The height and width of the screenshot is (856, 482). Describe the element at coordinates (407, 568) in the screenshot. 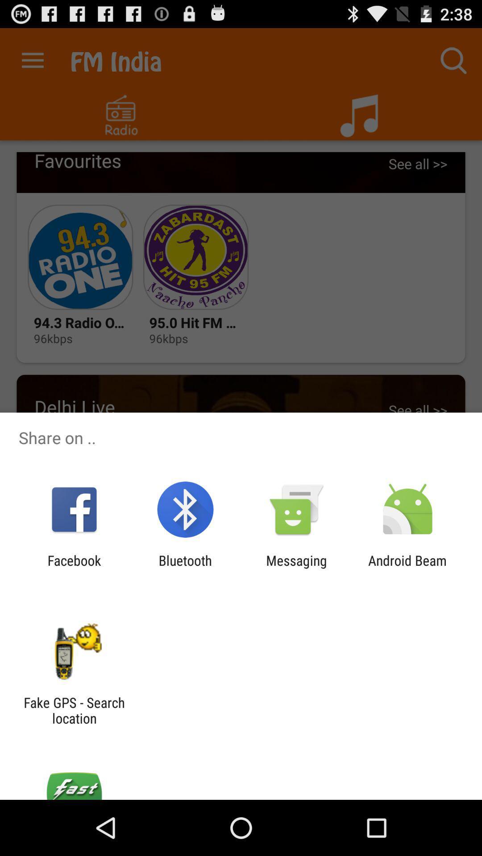

I see `the item next to messaging icon` at that location.